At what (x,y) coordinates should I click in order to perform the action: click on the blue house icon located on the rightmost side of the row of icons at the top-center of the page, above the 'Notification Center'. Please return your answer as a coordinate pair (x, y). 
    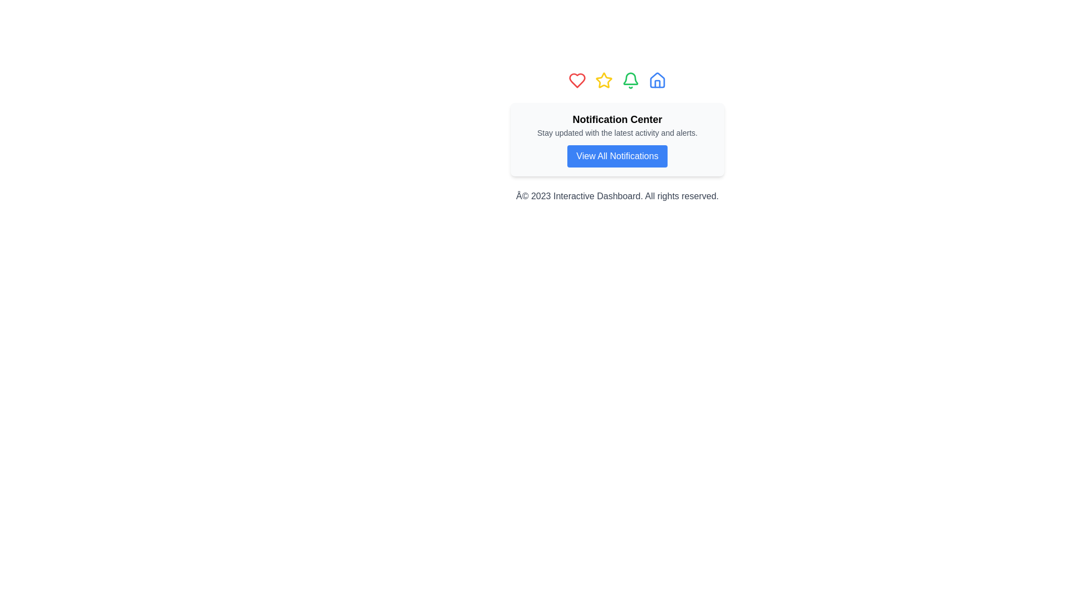
    Looking at the image, I should click on (657, 79).